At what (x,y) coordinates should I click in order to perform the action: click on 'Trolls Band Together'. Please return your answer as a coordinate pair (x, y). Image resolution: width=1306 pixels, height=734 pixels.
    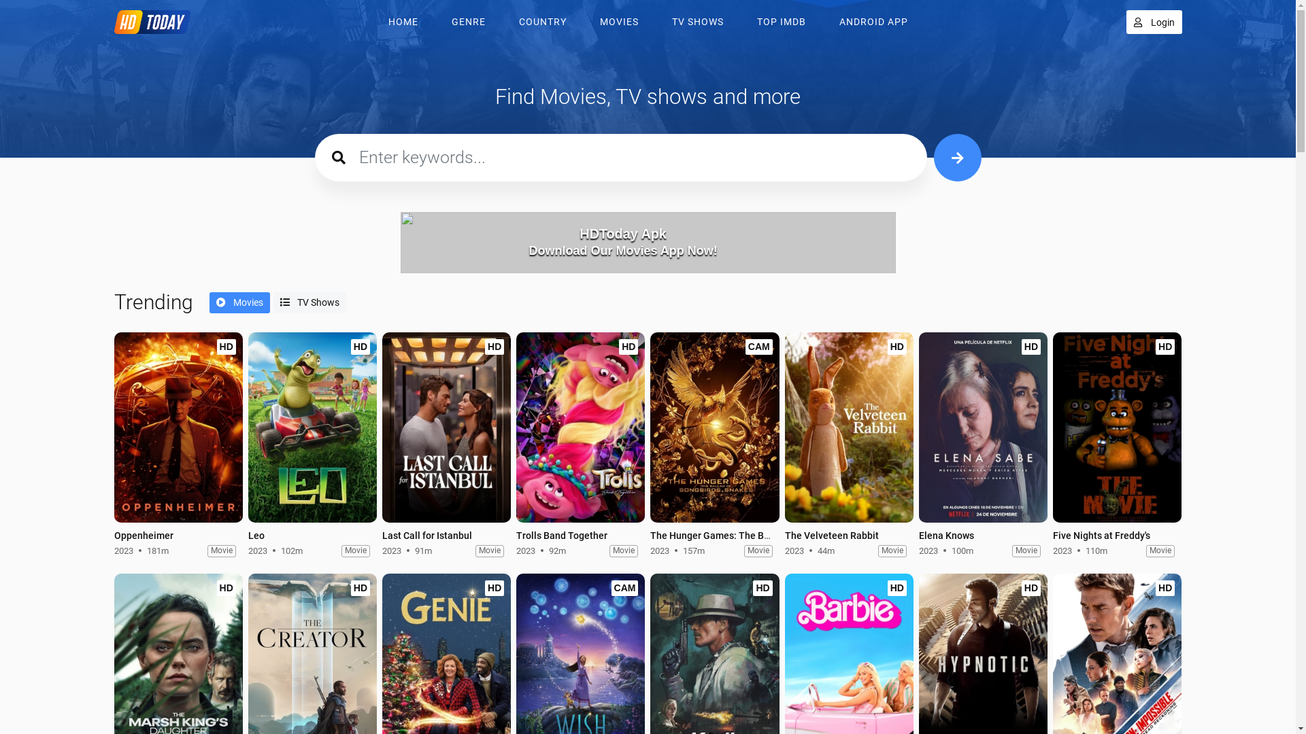
    Looking at the image, I should click on (561, 534).